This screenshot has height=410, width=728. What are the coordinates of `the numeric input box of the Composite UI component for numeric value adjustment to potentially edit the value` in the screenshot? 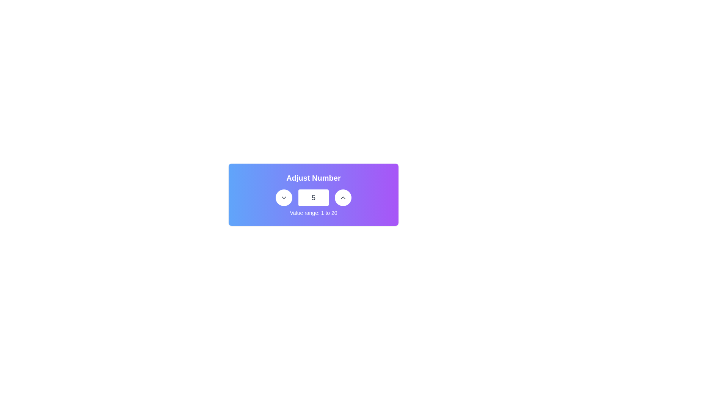 It's located at (313, 194).